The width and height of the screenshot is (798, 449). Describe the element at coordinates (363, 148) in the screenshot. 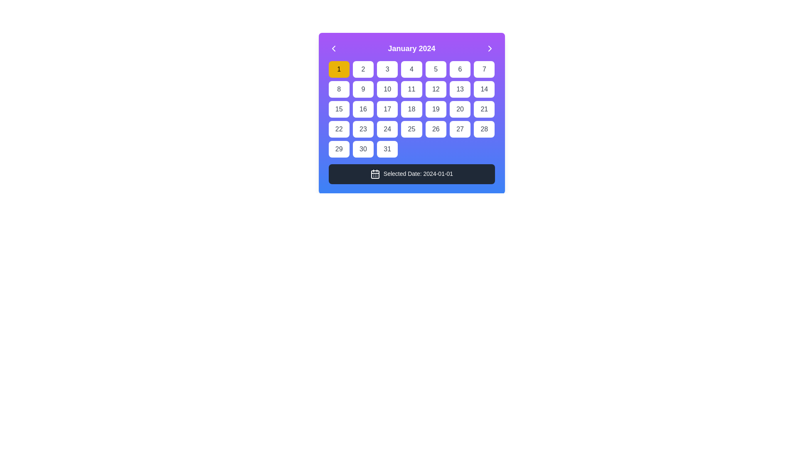

I see `the square button labeled '30' with a white background and rounded corners` at that location.